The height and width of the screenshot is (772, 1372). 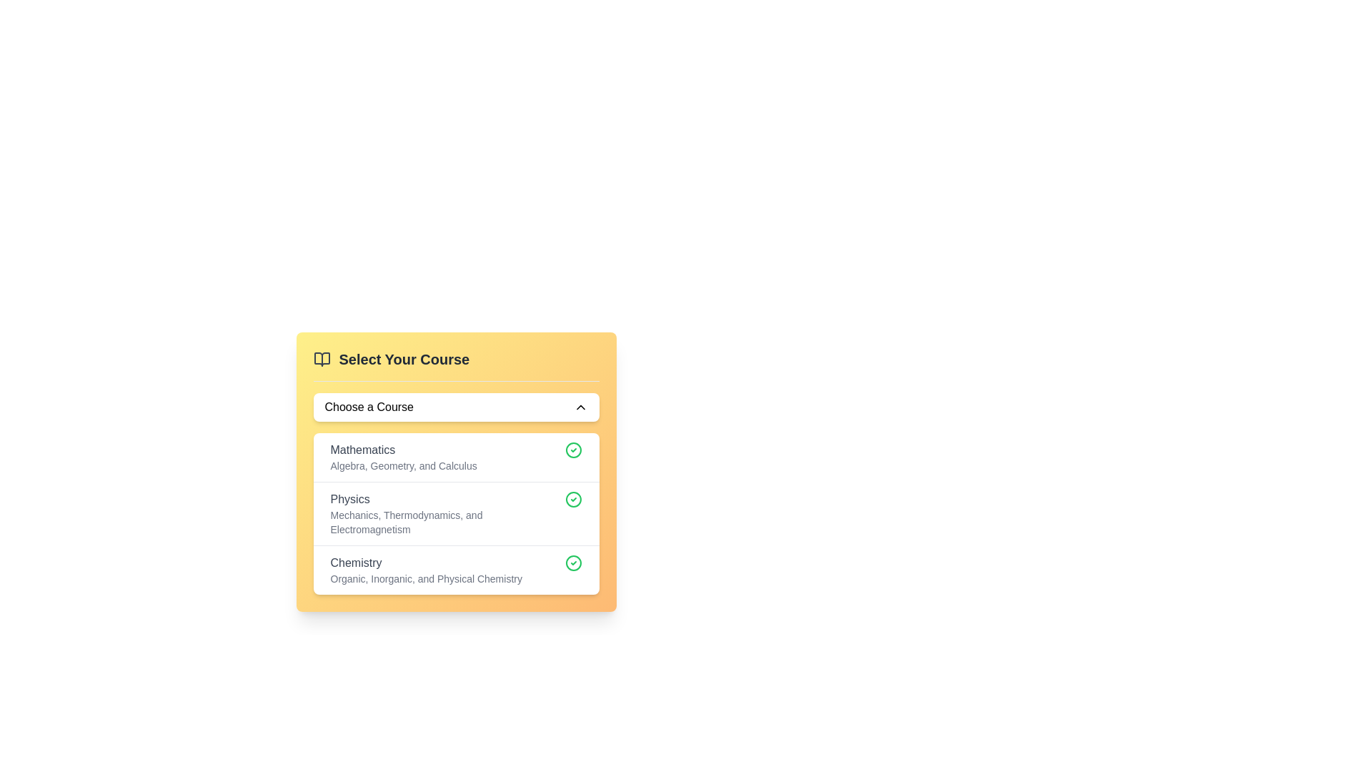 I want to click on the educational theme icon located in the header of the 'Select Your Course' section, positioned before the text title, so click(x=321, y=358).